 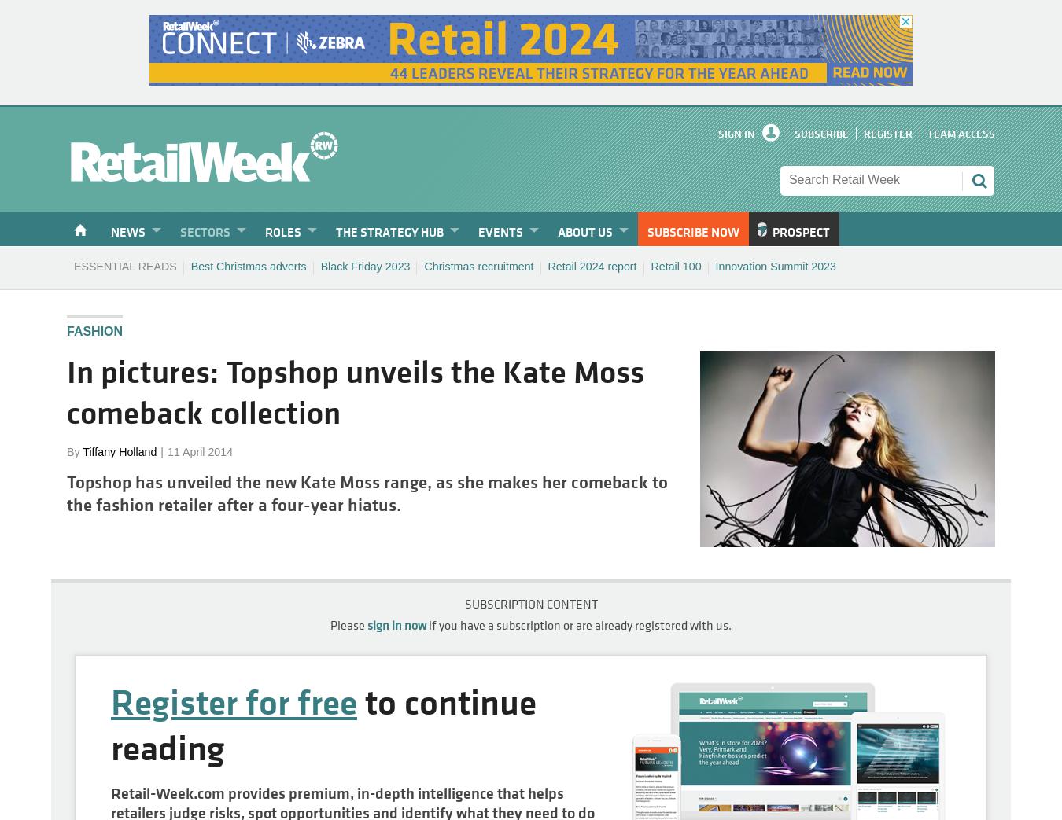 I want to click on 'News', so click(x=110, y=231).